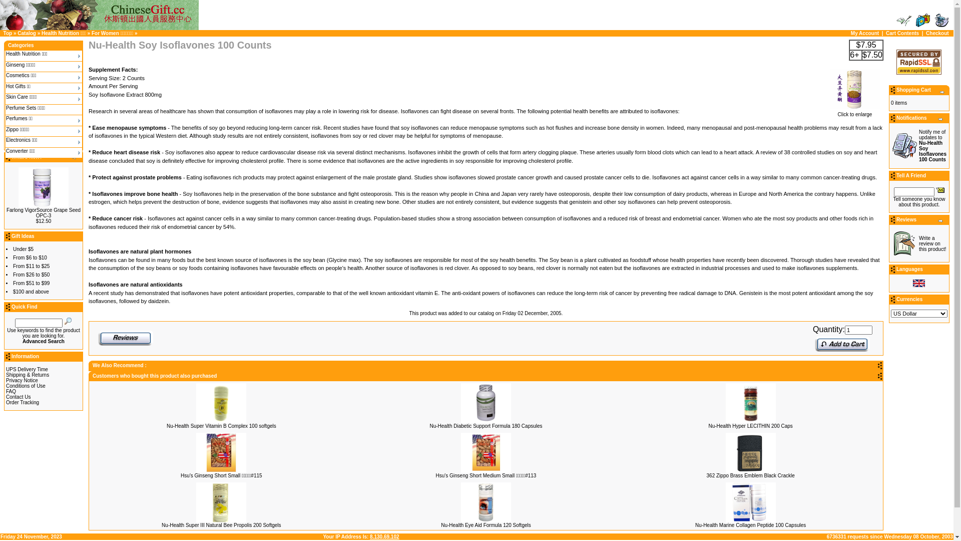  Describe the element at coordinates (854, 112) in the screenshot. I see `'Click to enlarge'` at that location.